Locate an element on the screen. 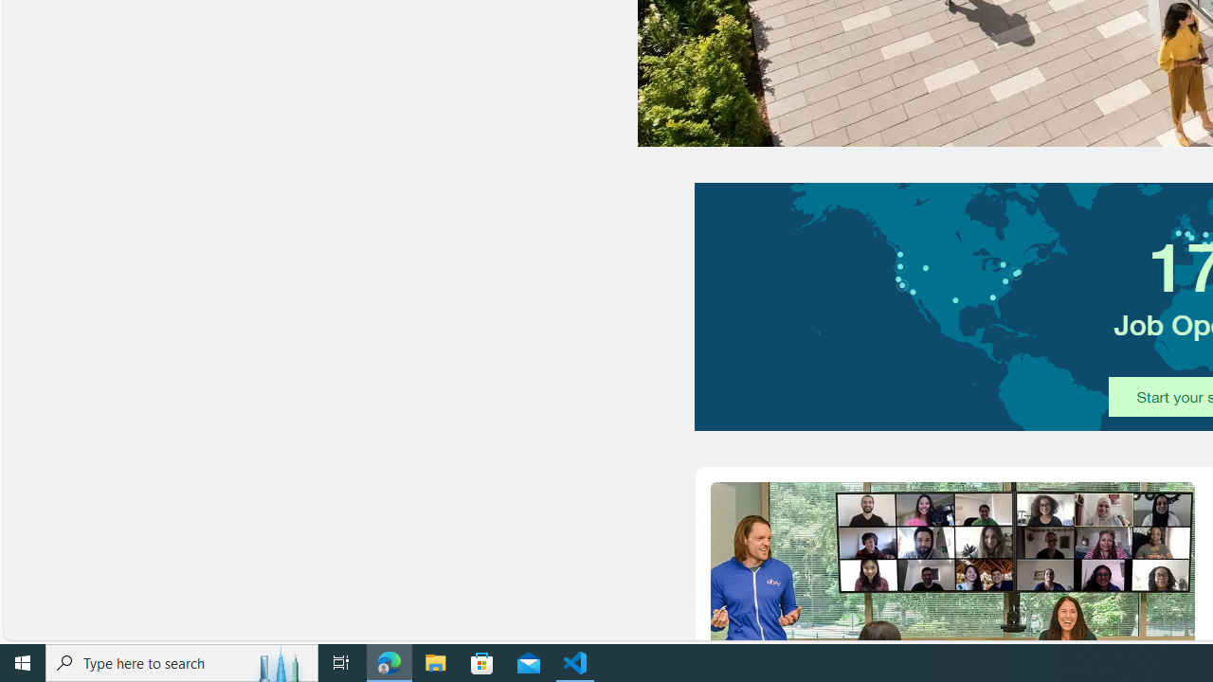 The width and height of the screenshot is (1213, 682). 'Task View' is located at coordinates (340, 661).